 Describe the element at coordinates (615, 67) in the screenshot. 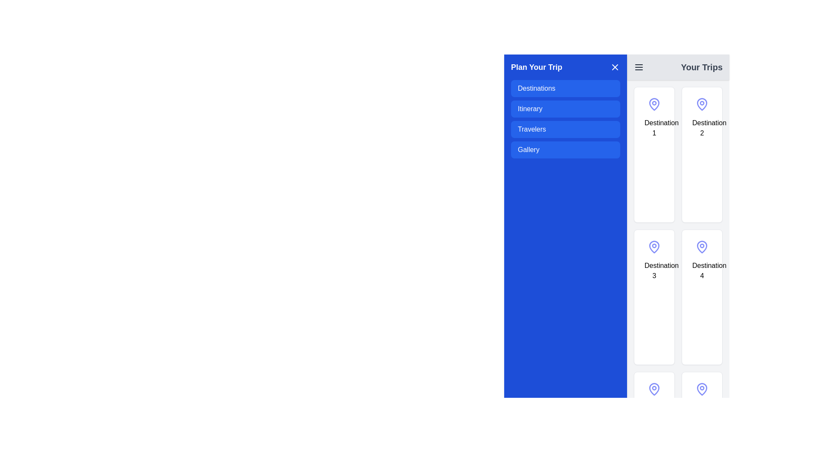

I see `the close button in the upper right corner of the 'Plan Your Trip' section` at that location.